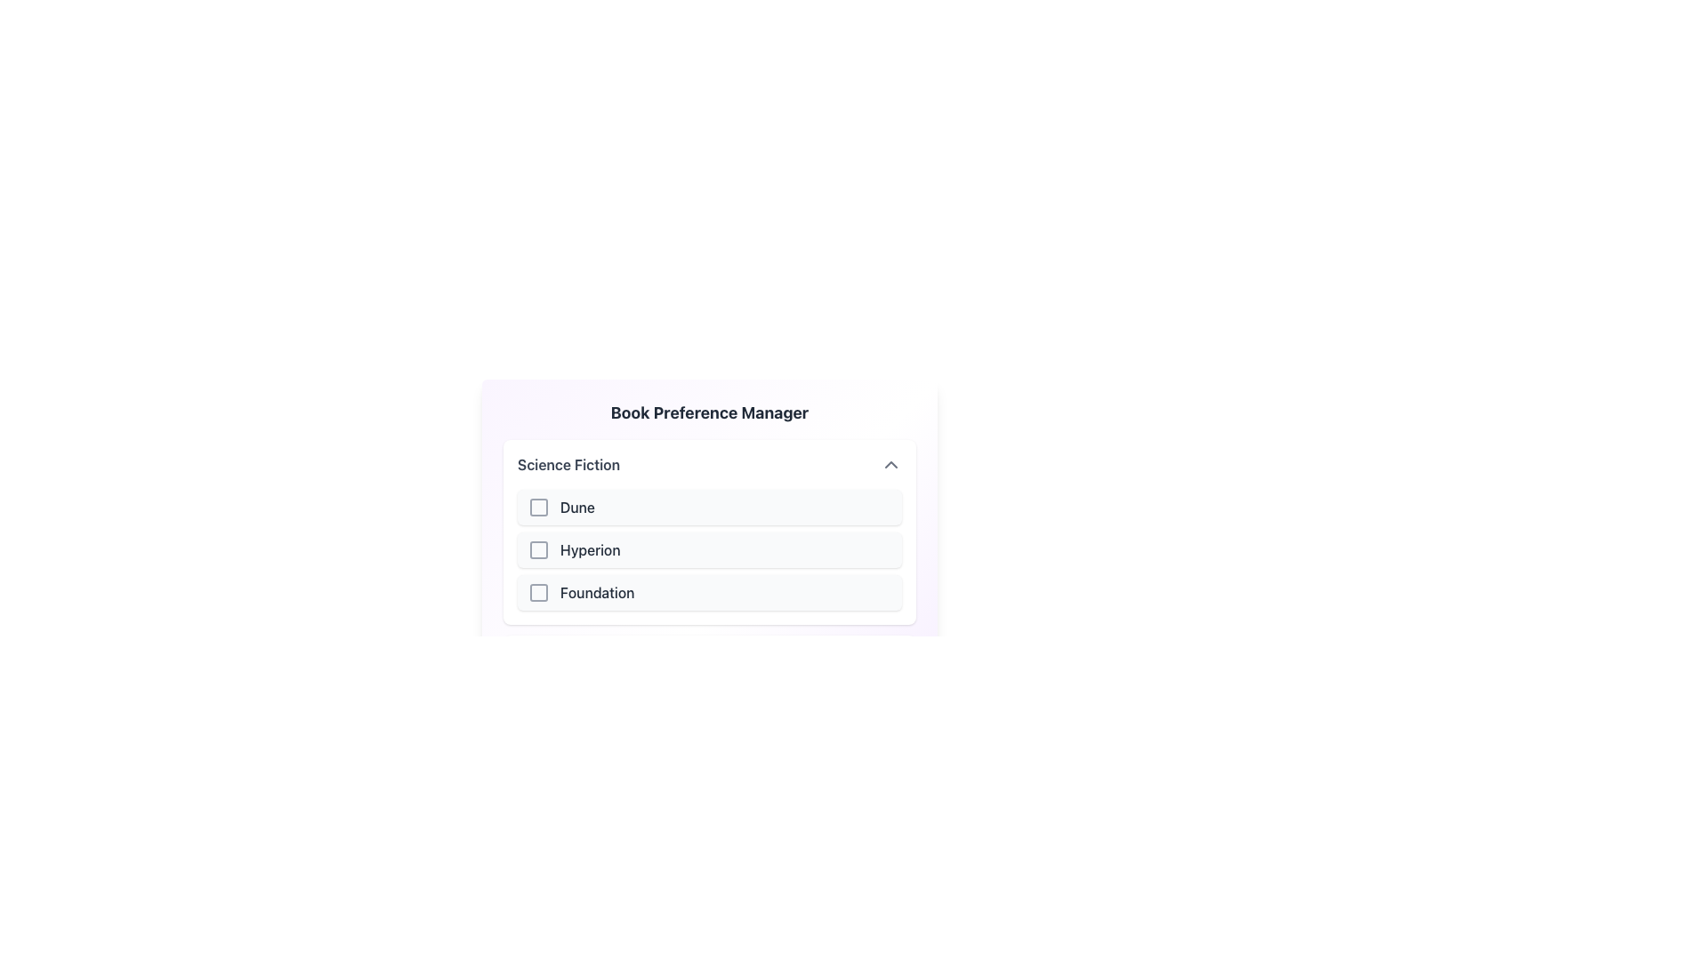 This screenshot has height=960, width=1708. Describe the element at coordinates (708, 548) in the screenshot. I see `the second selectable list item with a checkbox labeled 'Hyperion' under the 'Science Fiction' section of the 'Book Preference Manager'` at that location.